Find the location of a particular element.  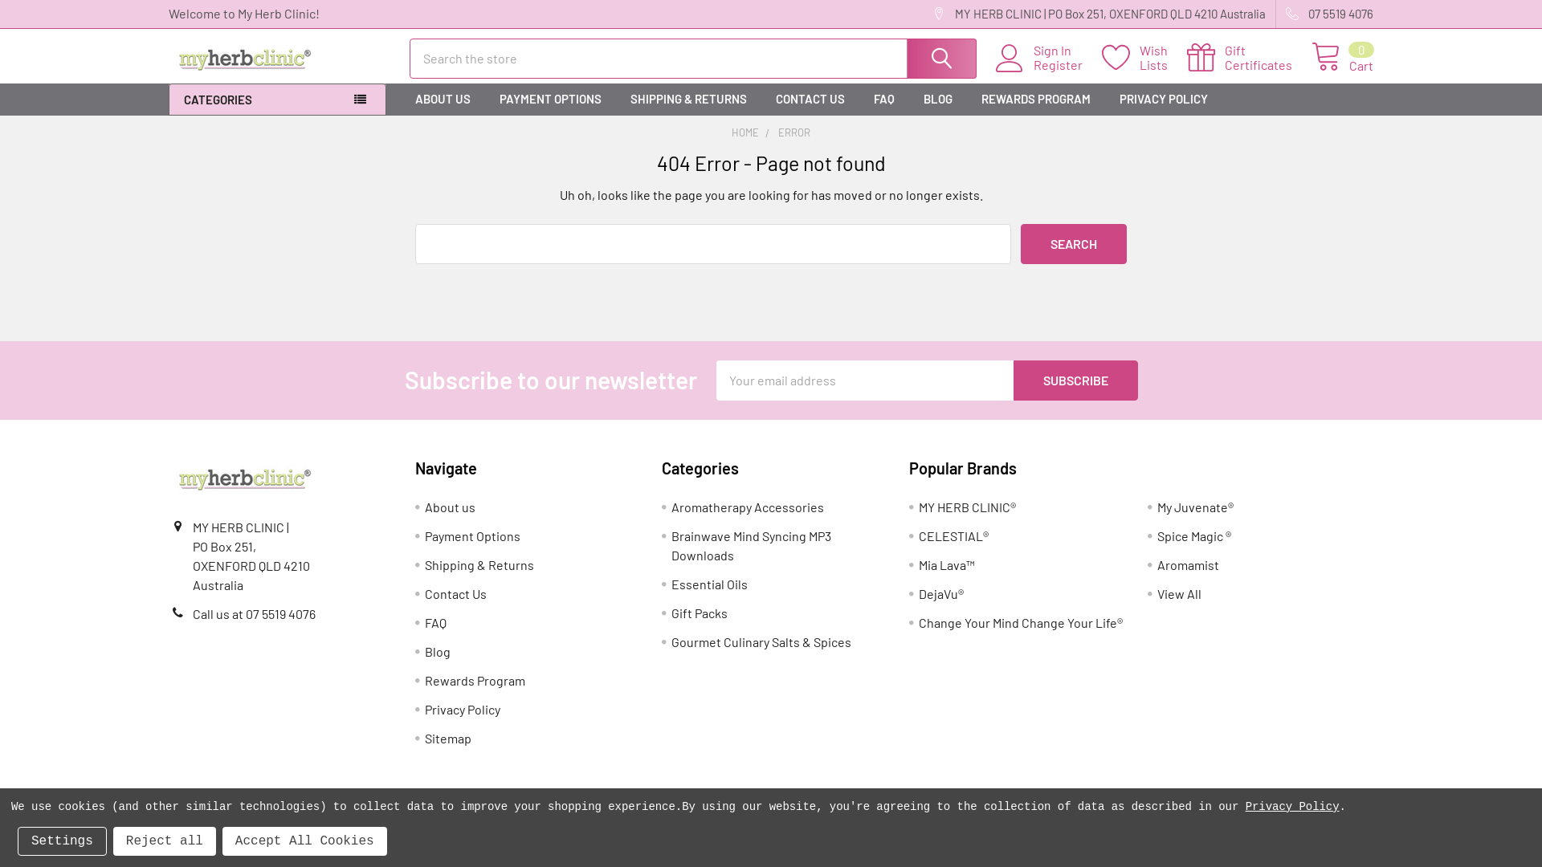

'FAQ' is located at coordinates (883, 99).